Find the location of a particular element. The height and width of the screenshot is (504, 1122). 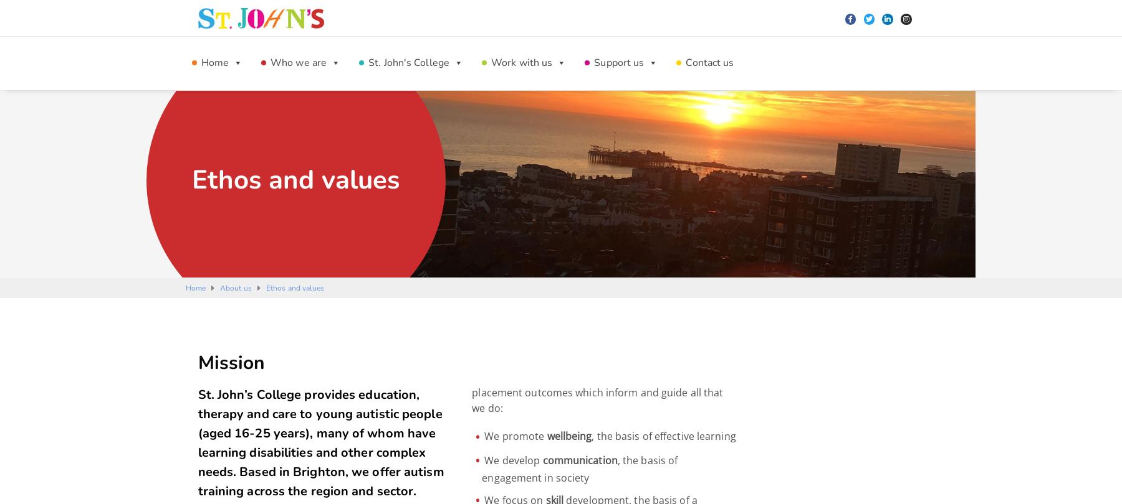

'Work ready' is located at coordinates (385, 169).